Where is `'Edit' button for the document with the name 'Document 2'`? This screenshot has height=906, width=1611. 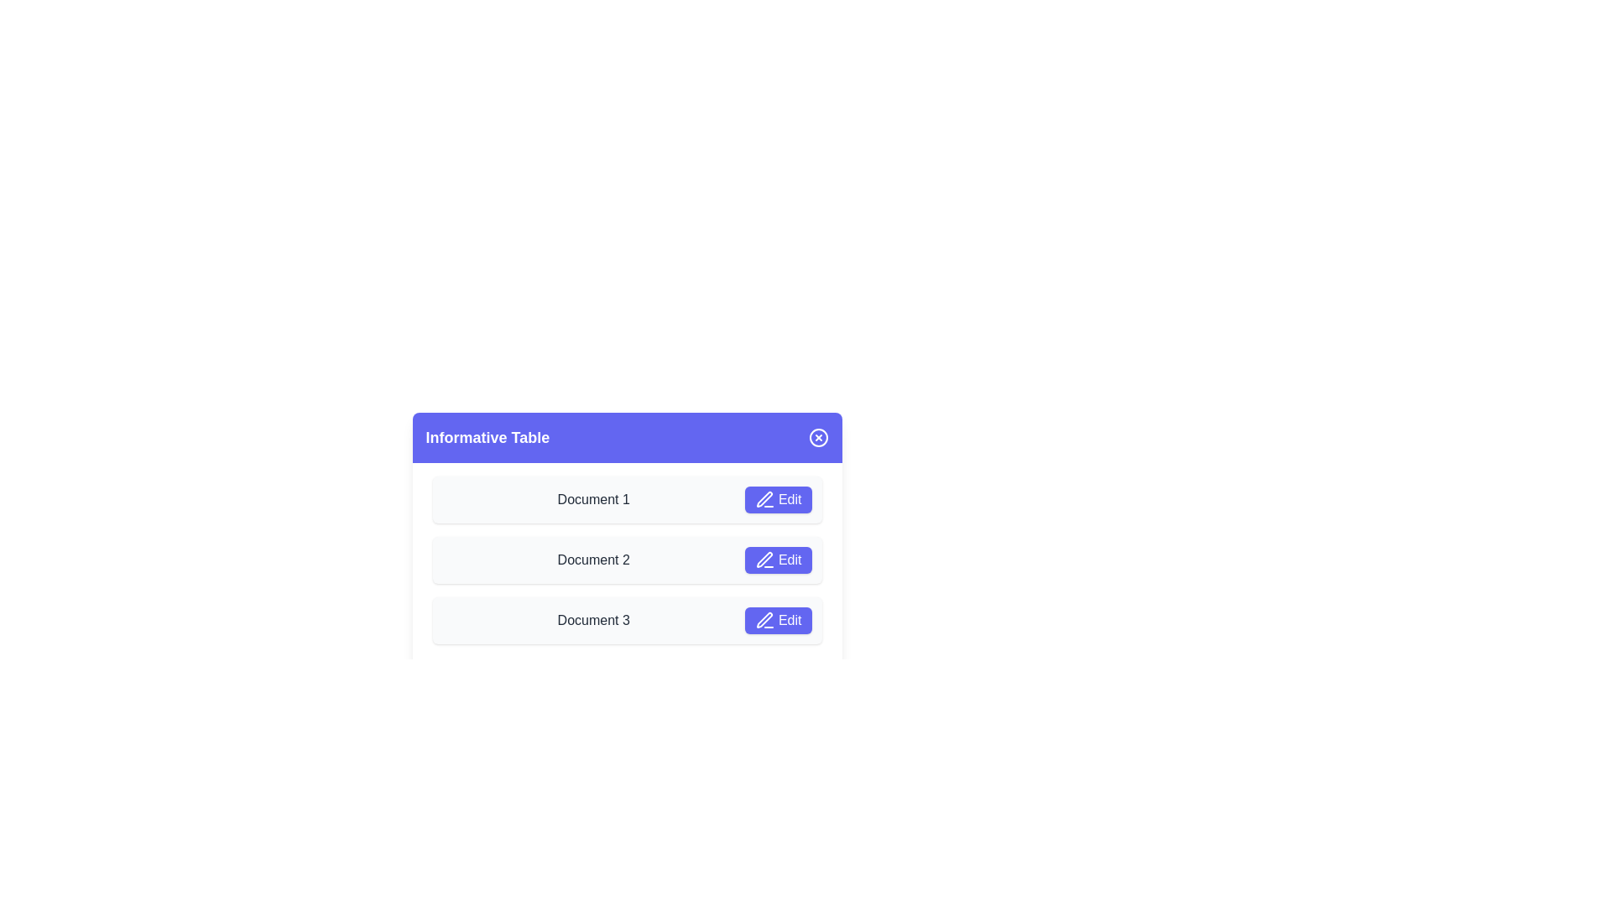
'Edit' button for the document with the name 'Document 2' is located at coordinates (777, 560).